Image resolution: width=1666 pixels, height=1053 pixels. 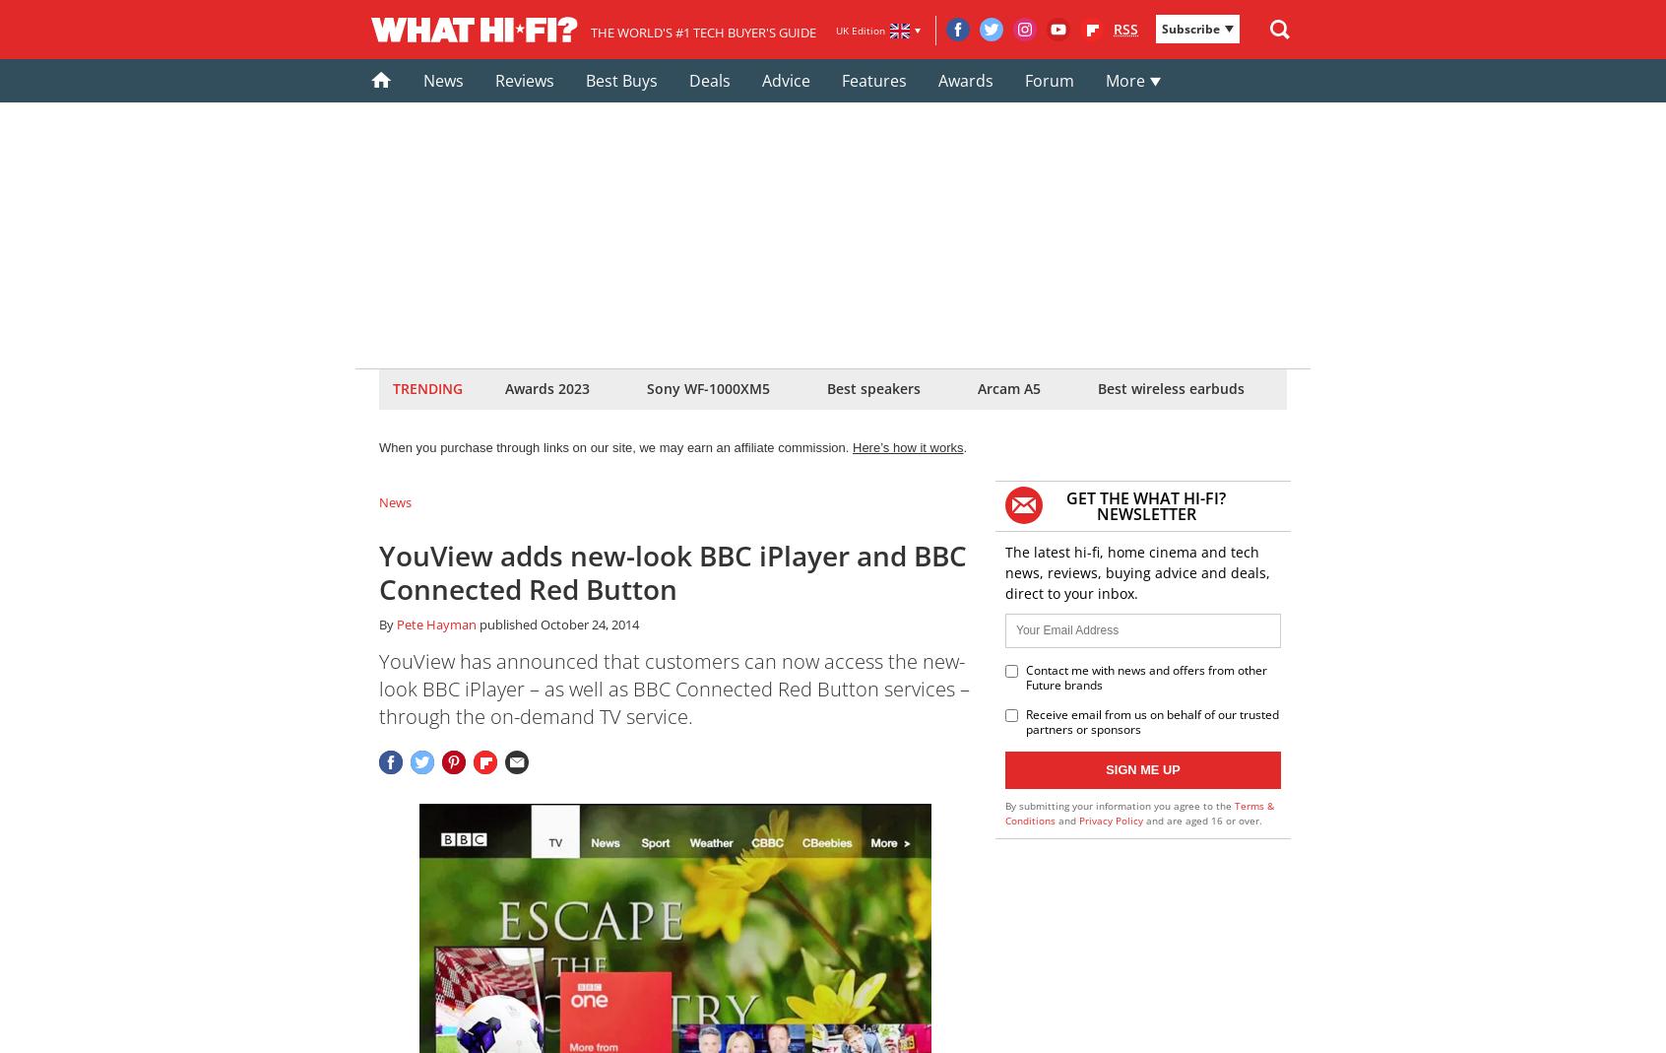 What do you see at coordinates (647, 388) in the screenshot?
I see `'Sony WF-1000XM5'` at bounding box center [647, 388].